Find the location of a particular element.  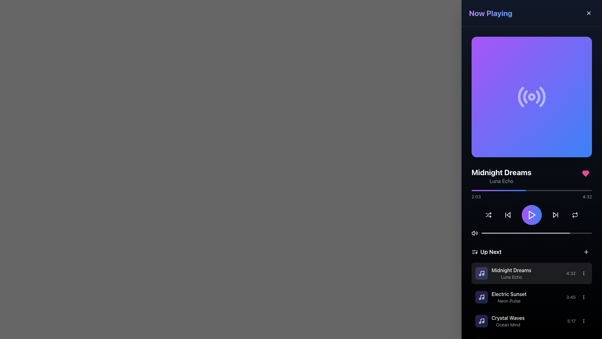

the playback position is located at coordinates (591, 190).